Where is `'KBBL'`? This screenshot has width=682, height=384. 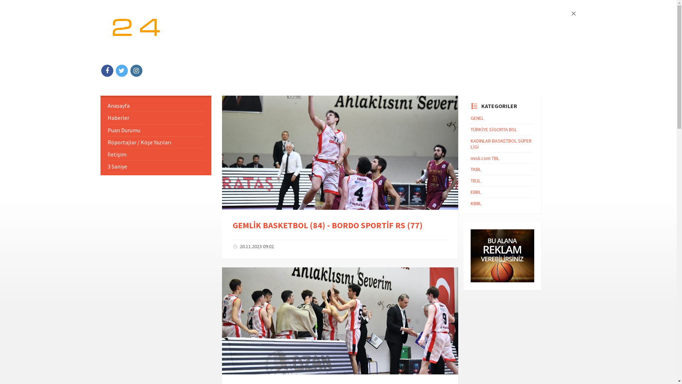
'KBBL' is located at coordinates (470, 203).